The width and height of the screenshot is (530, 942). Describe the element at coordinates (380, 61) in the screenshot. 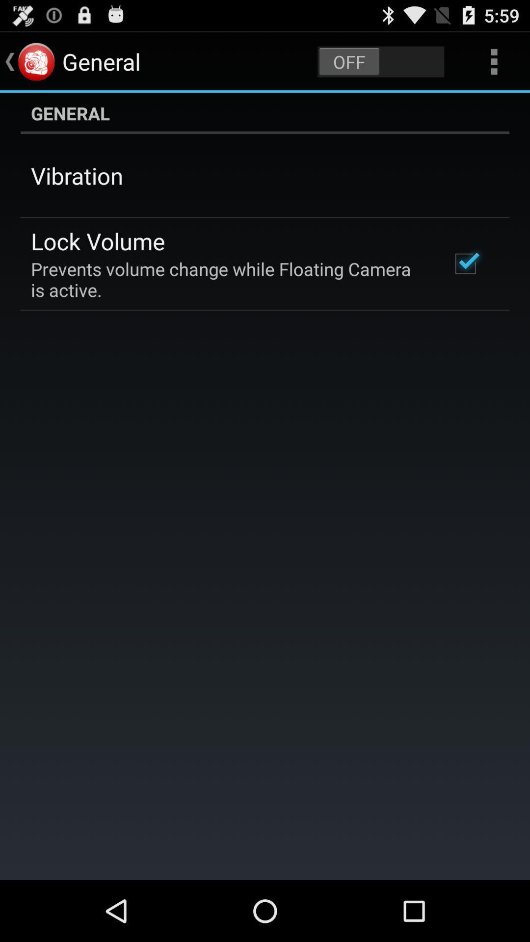

I see `on off toggle` at that location.